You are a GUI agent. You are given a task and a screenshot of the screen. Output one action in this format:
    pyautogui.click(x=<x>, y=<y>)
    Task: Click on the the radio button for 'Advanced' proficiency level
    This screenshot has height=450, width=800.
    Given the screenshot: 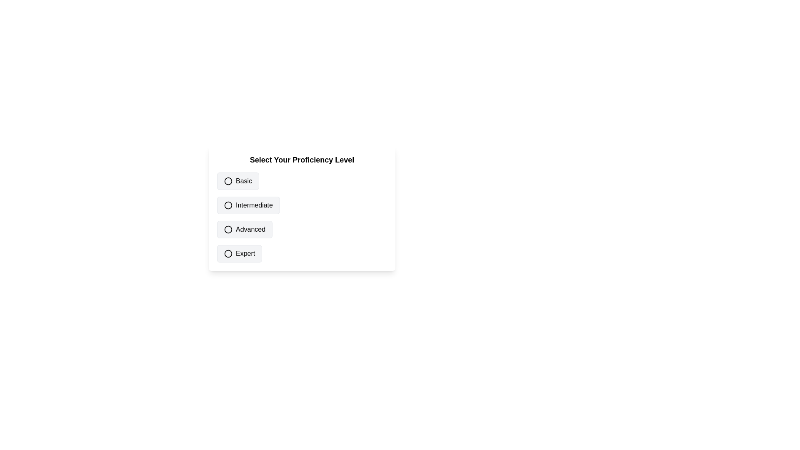 What is the action you would take?
    pyautogui.click(x=228, y=230)
    